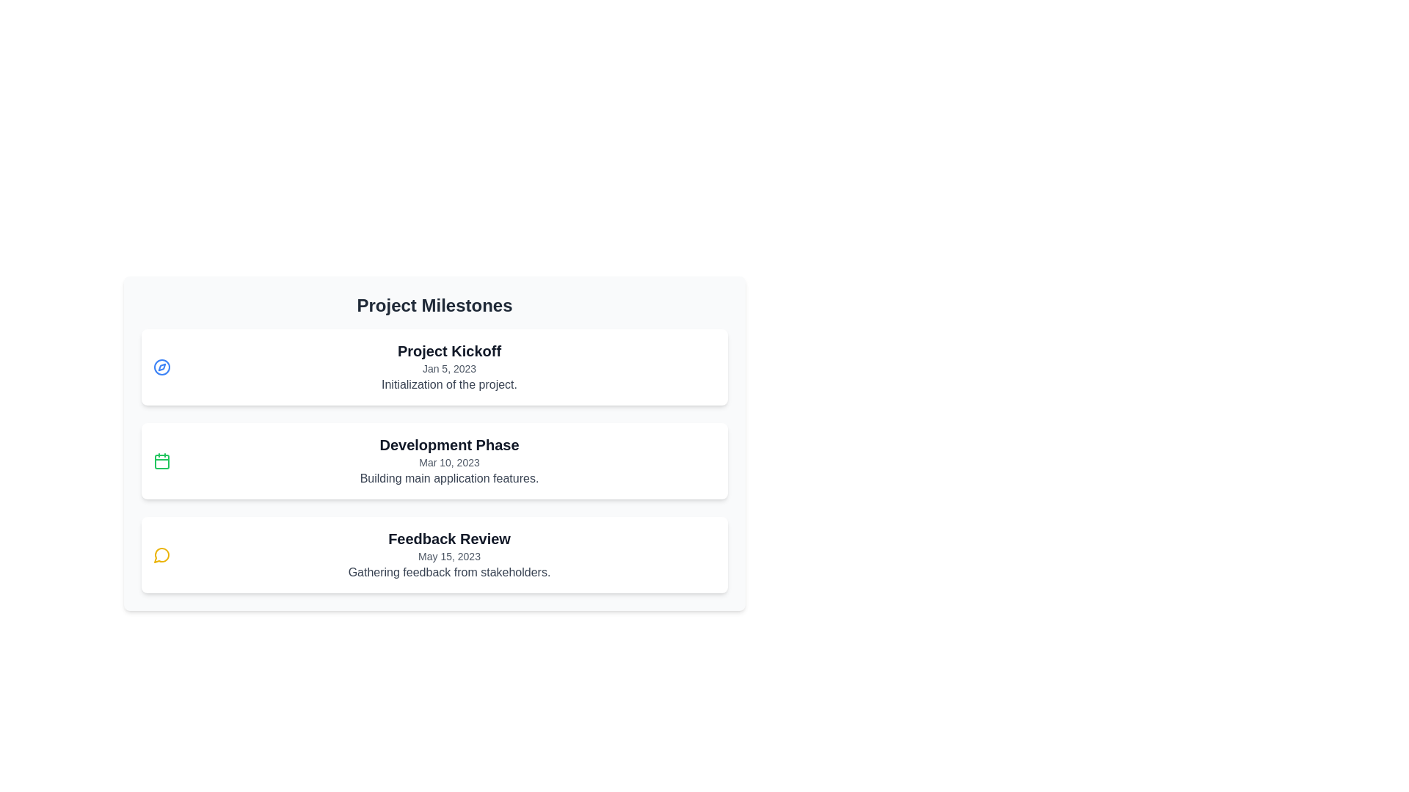  Describe the element at coordinates (434, 460) in the screenshot. I see `the 'Development Phase' informational card, which displays details about the milestone including a title, date, and description, positioned centrally in the sequence of project milestones` at that location.